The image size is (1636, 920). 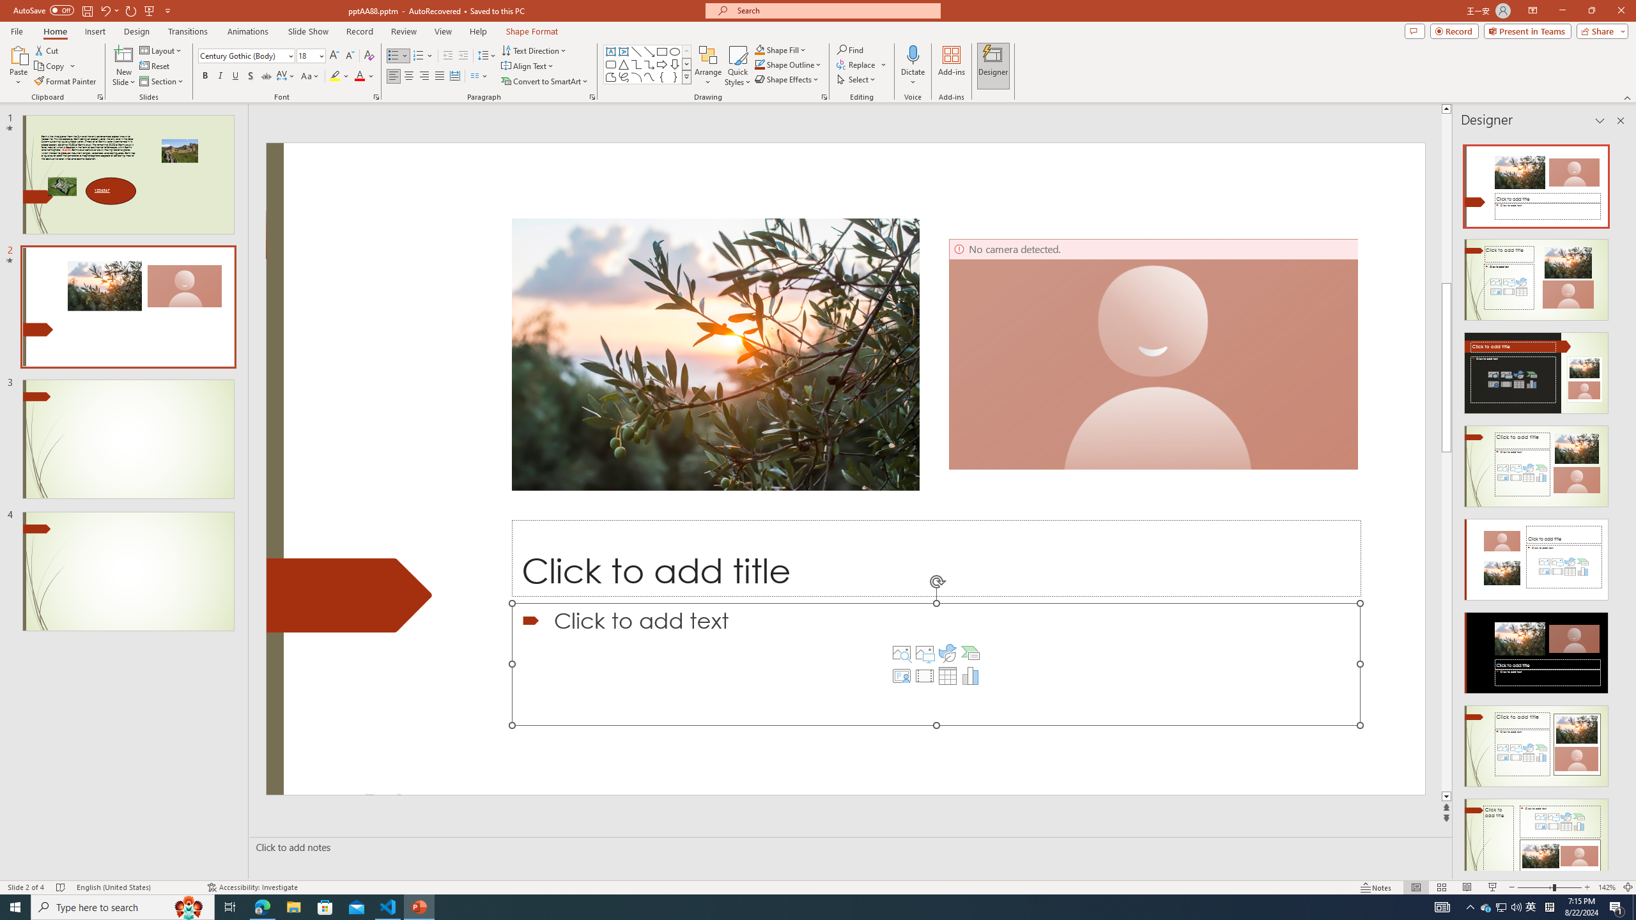 What do you see at coordinates (1376, 887) in the screenshot?
I see `'Notes '` at bounding box center [1376, 887].